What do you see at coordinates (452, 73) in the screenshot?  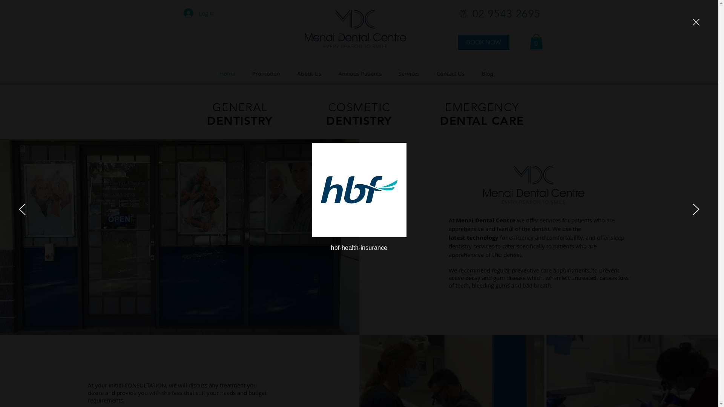 I see `'Contact Us'` at bounding box center [452, 73].